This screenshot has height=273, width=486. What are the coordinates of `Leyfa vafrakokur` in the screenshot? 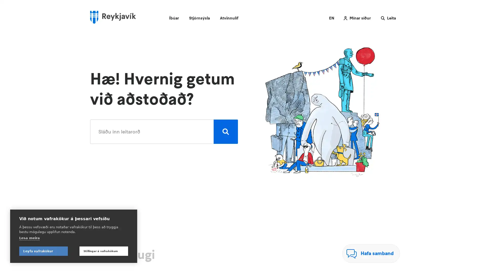 It's located at (44, 251).